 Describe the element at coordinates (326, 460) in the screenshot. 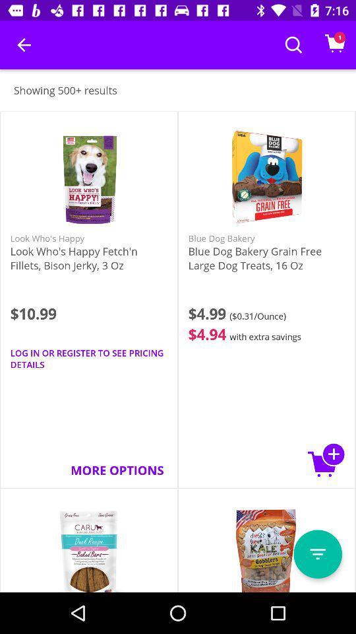

I see `icon to the right of the more options` at that location.